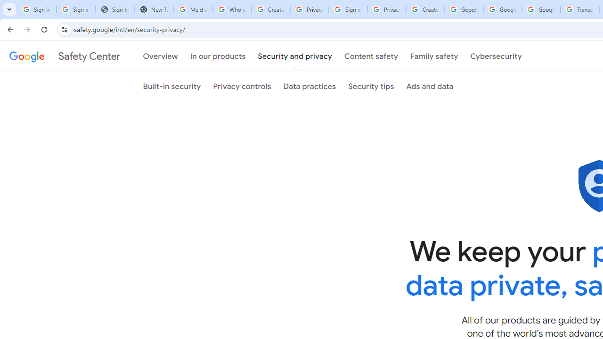 The width and height of the screenshot is (603, 339). I want to click on 'Built-in security', so click(172, 86).